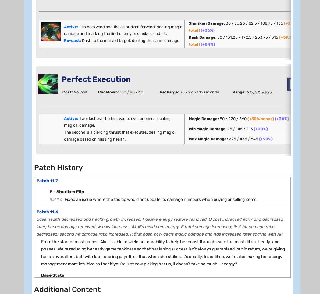 This screenshot has height=294, width=320. What do you see at coordinates (92, 277) in the screenshot?
I see `'[100/150/200]'` at bounding box center [92, 277].